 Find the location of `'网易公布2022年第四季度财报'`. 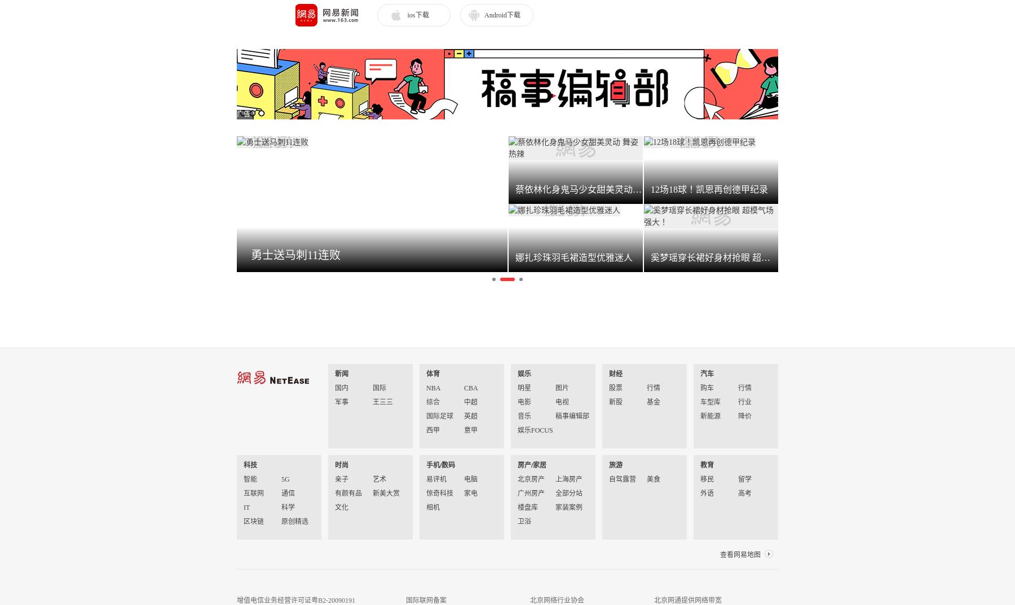

'网易公布2022年第四季度财报' is located at coordinates (412, 288).